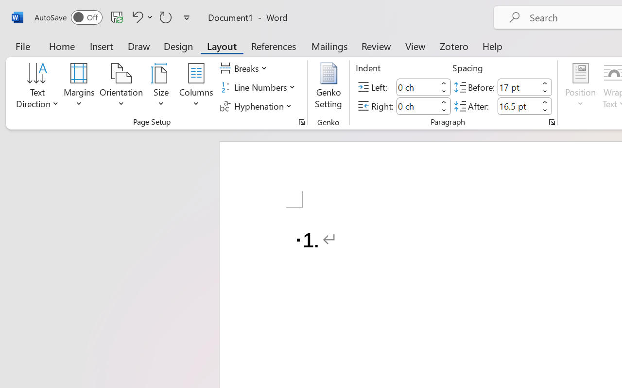 This screenshot has width=622, height=388. I want to click on 'Breaks', so click(245, 68).